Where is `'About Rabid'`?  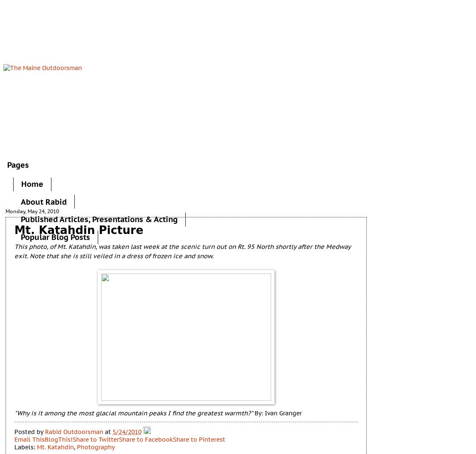 'About Rabid' is located at coordinates (44, 201).